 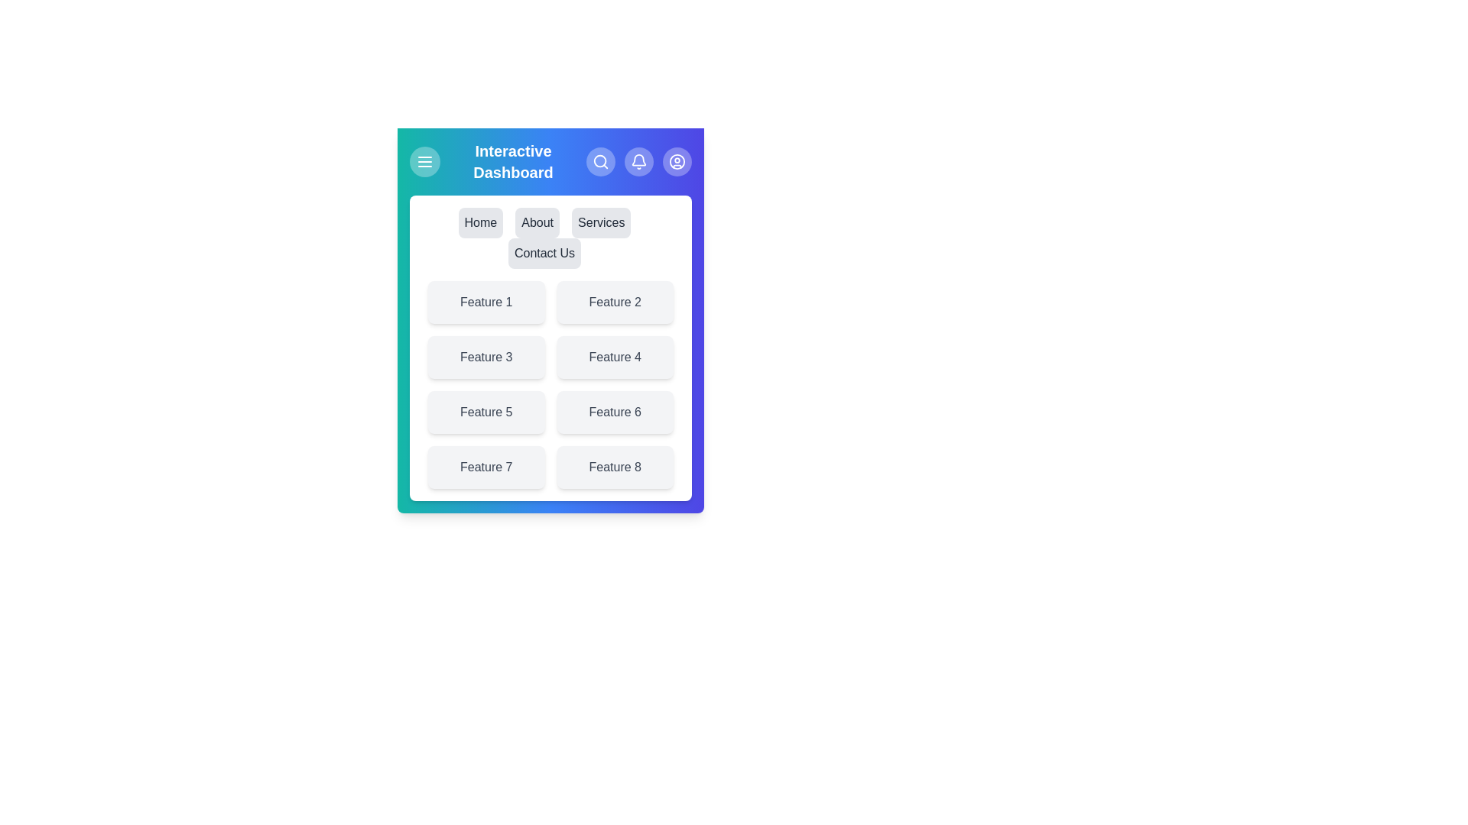 I want to click on the menu item labeled Home to navigate to the respective page, so click(x=479, y=223).